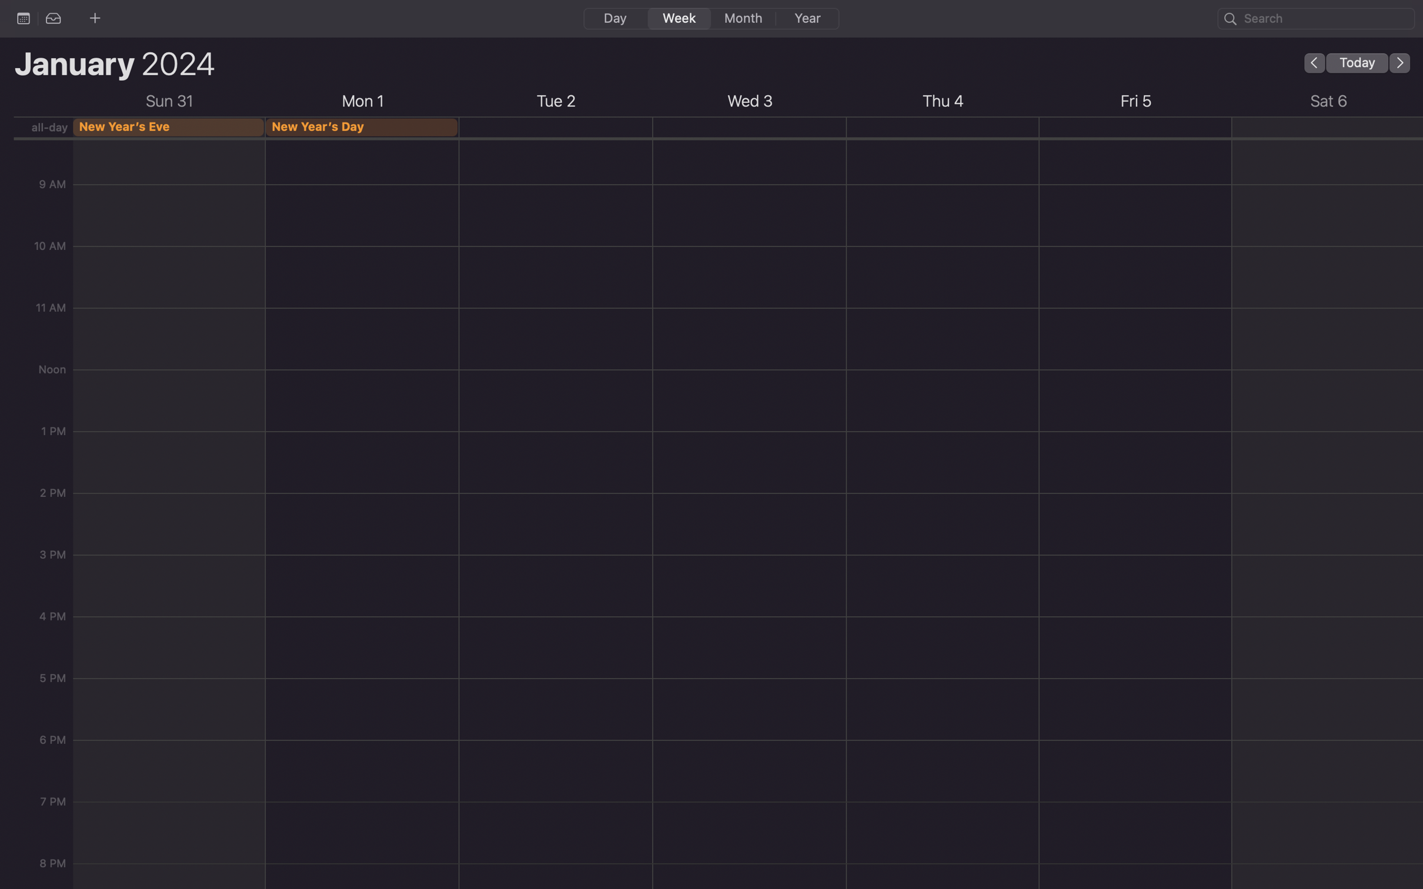 The width and height of the screenshot is (1423, 889). I want to click on Create an event for 2 pm on Tuesday, so click(555, 574).